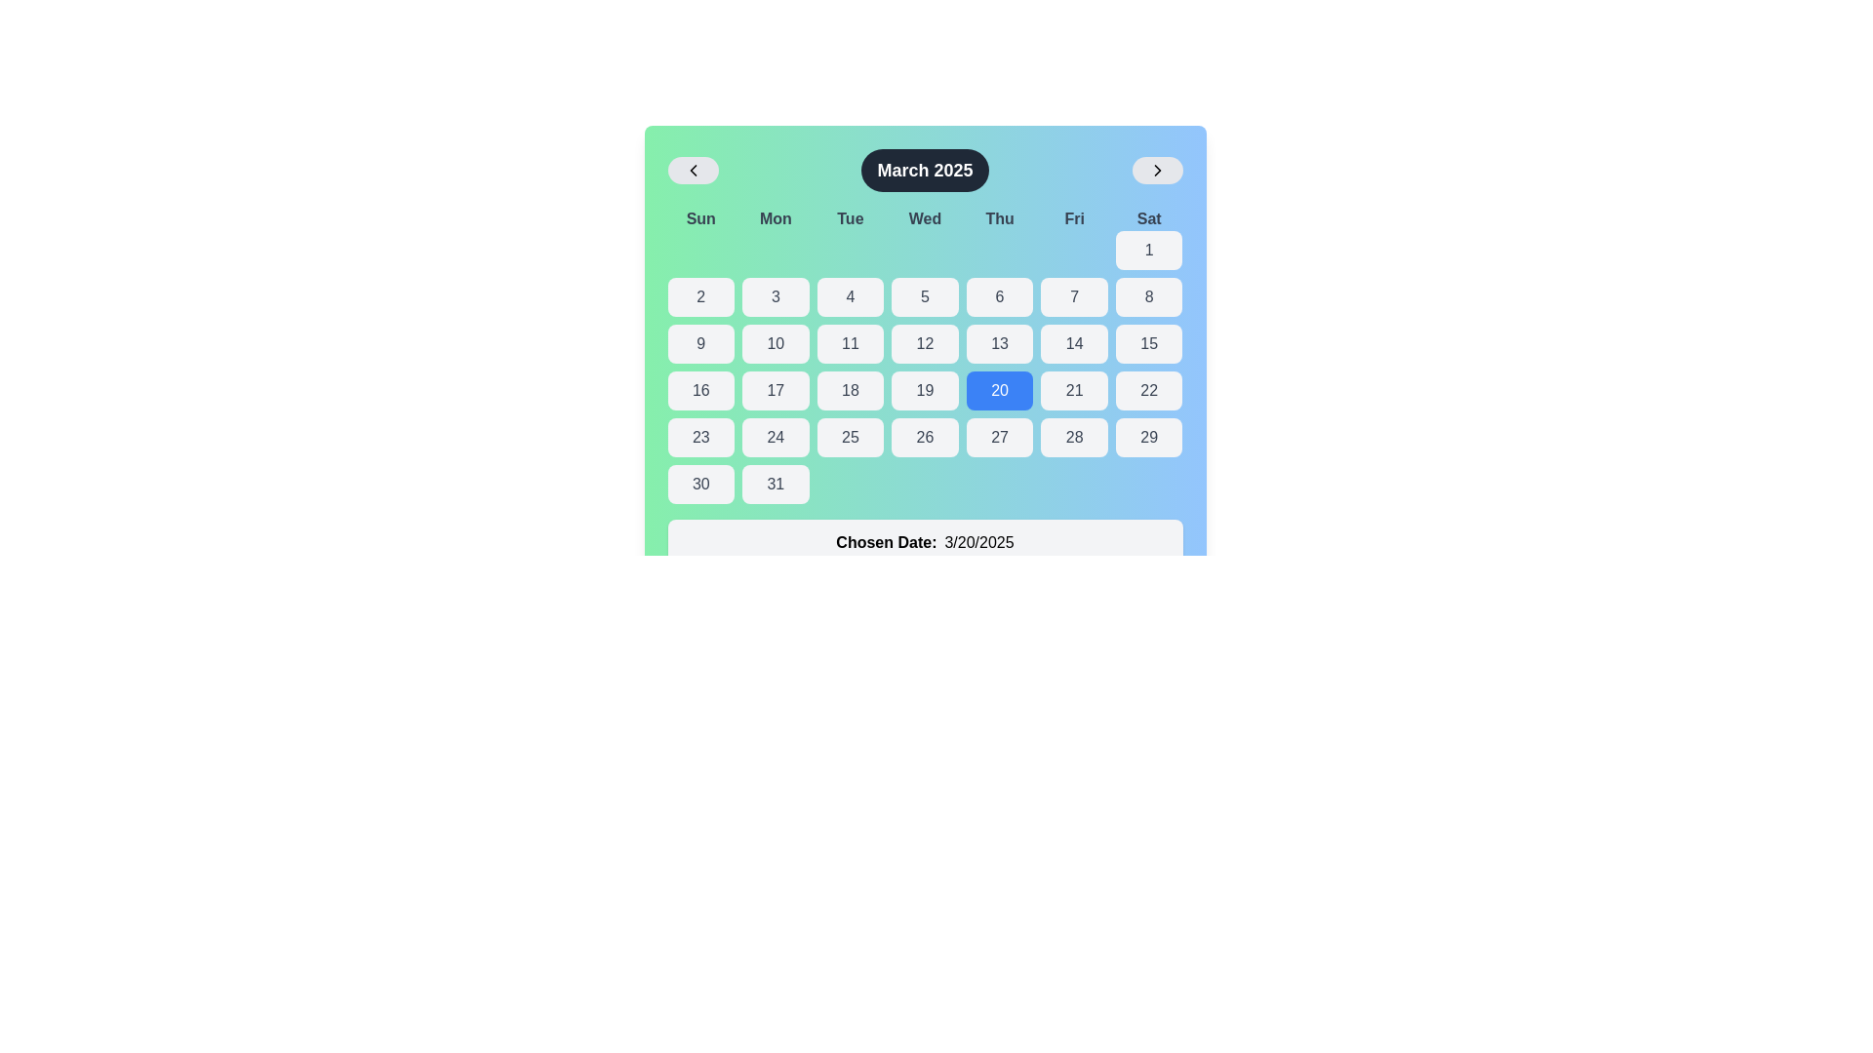 This screenshot has height=1053, width=1873. Describe the element at coordinates (1073, 218) in the screenshot. I see `the 'Friday' label, which is the sixth item in the sequence of day names at the top of the calendar` at that location.